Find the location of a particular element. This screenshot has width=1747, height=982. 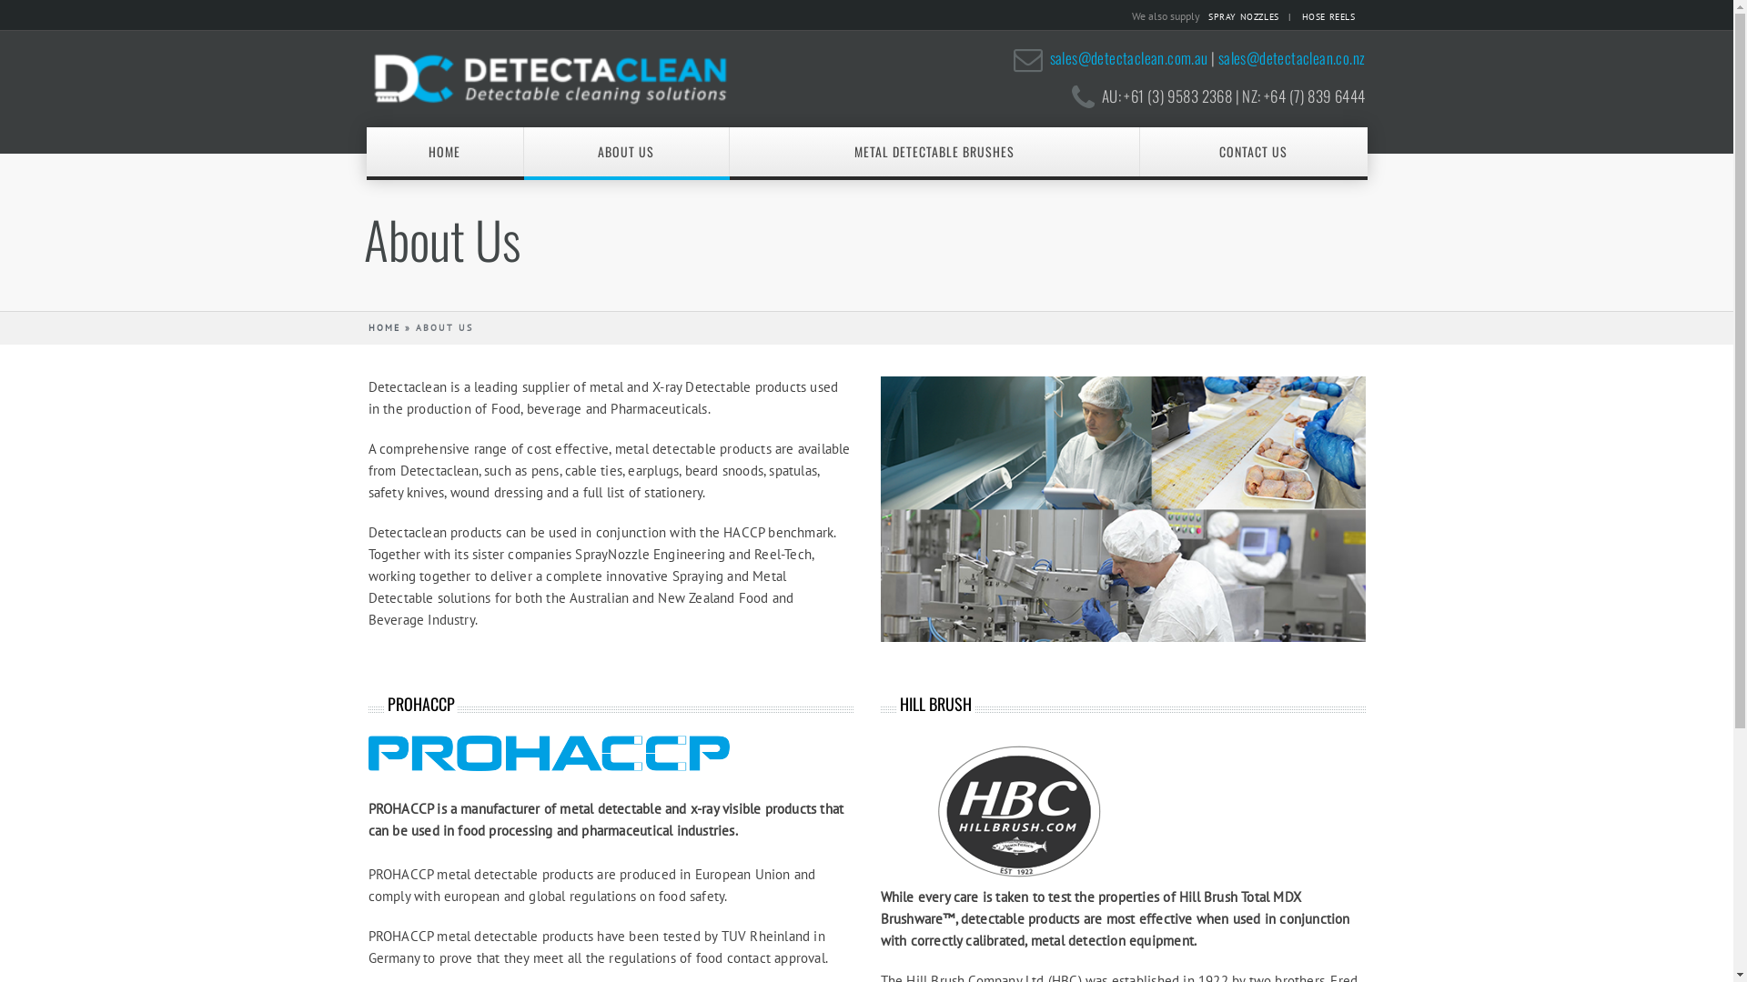

'HOME' is located at coordinates (382, 327).